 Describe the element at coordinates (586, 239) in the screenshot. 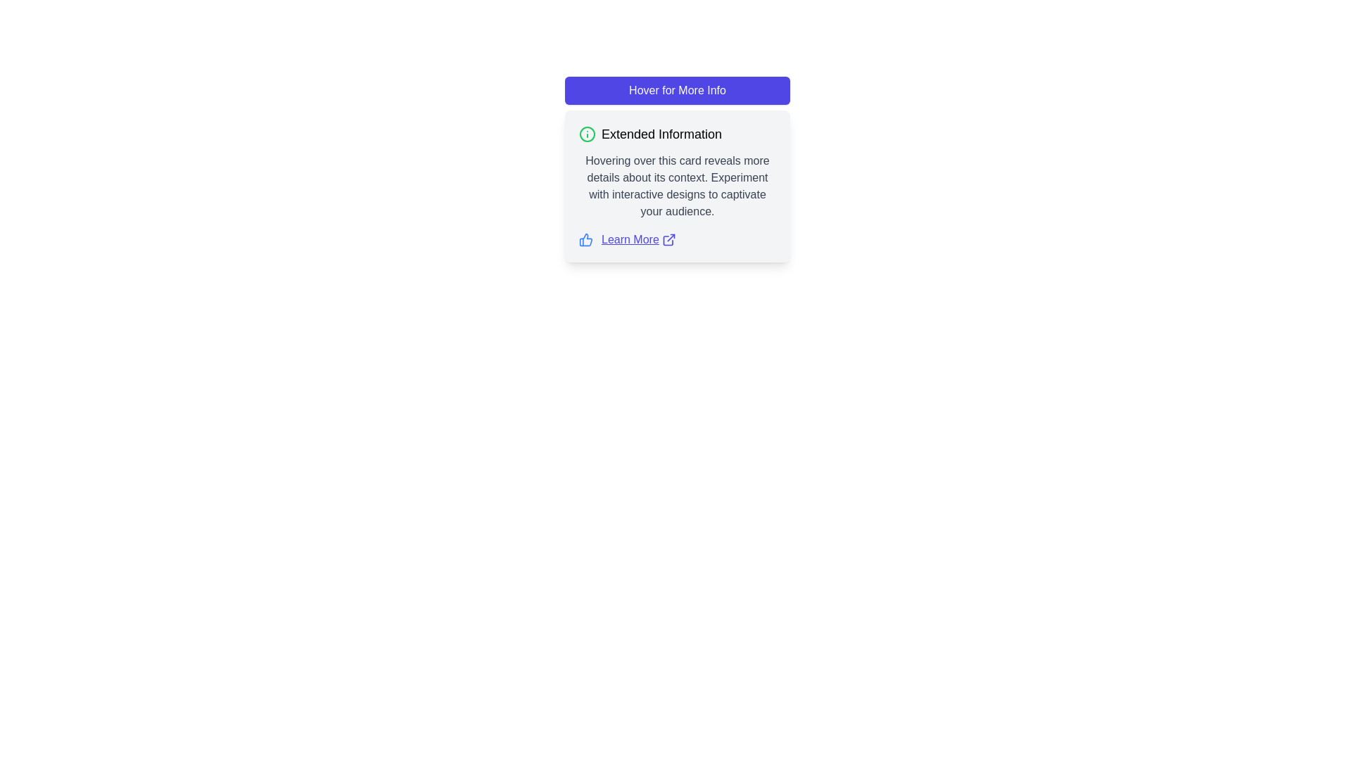

I see `the approval icon located at the far left within the horizontal grouping of elements near the bottom of the card` at that location.